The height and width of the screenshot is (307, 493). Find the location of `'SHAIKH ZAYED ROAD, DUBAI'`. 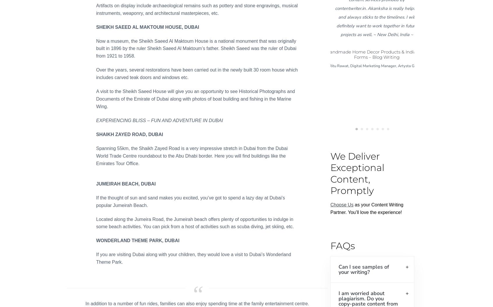

'SHAIKH ZAYED ROAD, DUBAI' is located at coordinates (129, 134).